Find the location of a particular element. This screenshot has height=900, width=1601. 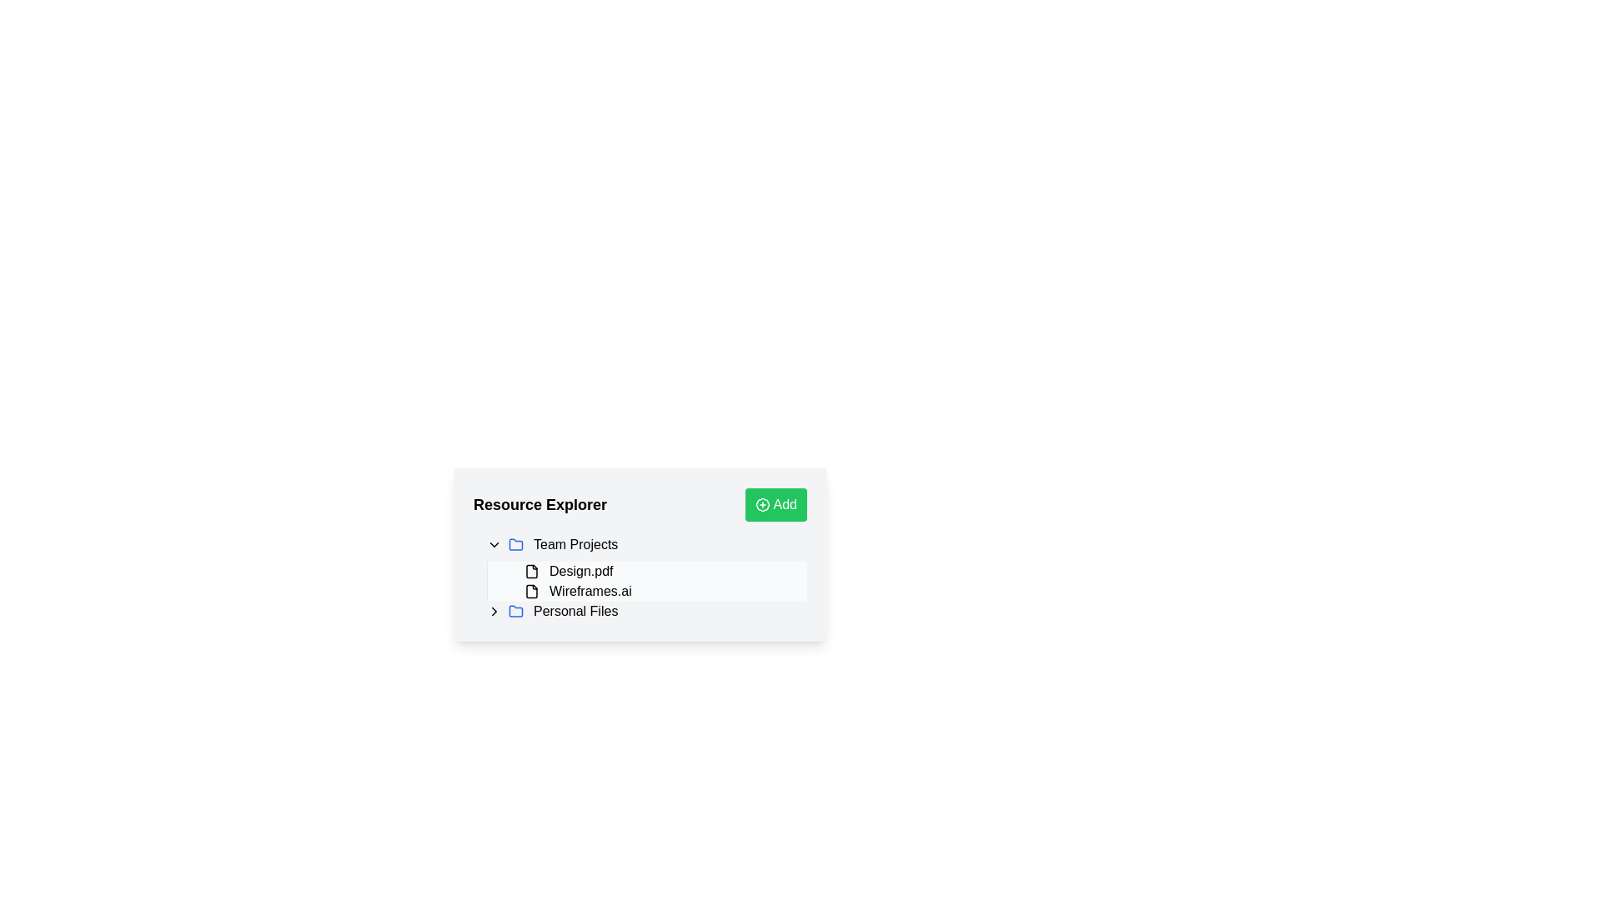

the text label for the 'Personal Files' folder is located at coordinates (575, 611).